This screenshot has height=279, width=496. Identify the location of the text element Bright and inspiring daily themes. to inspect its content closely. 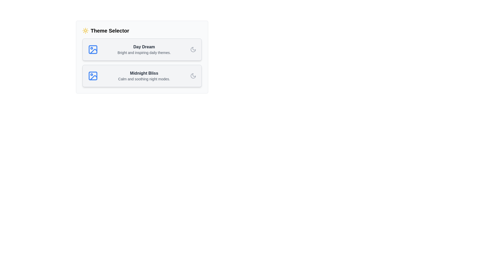
(144, 53).